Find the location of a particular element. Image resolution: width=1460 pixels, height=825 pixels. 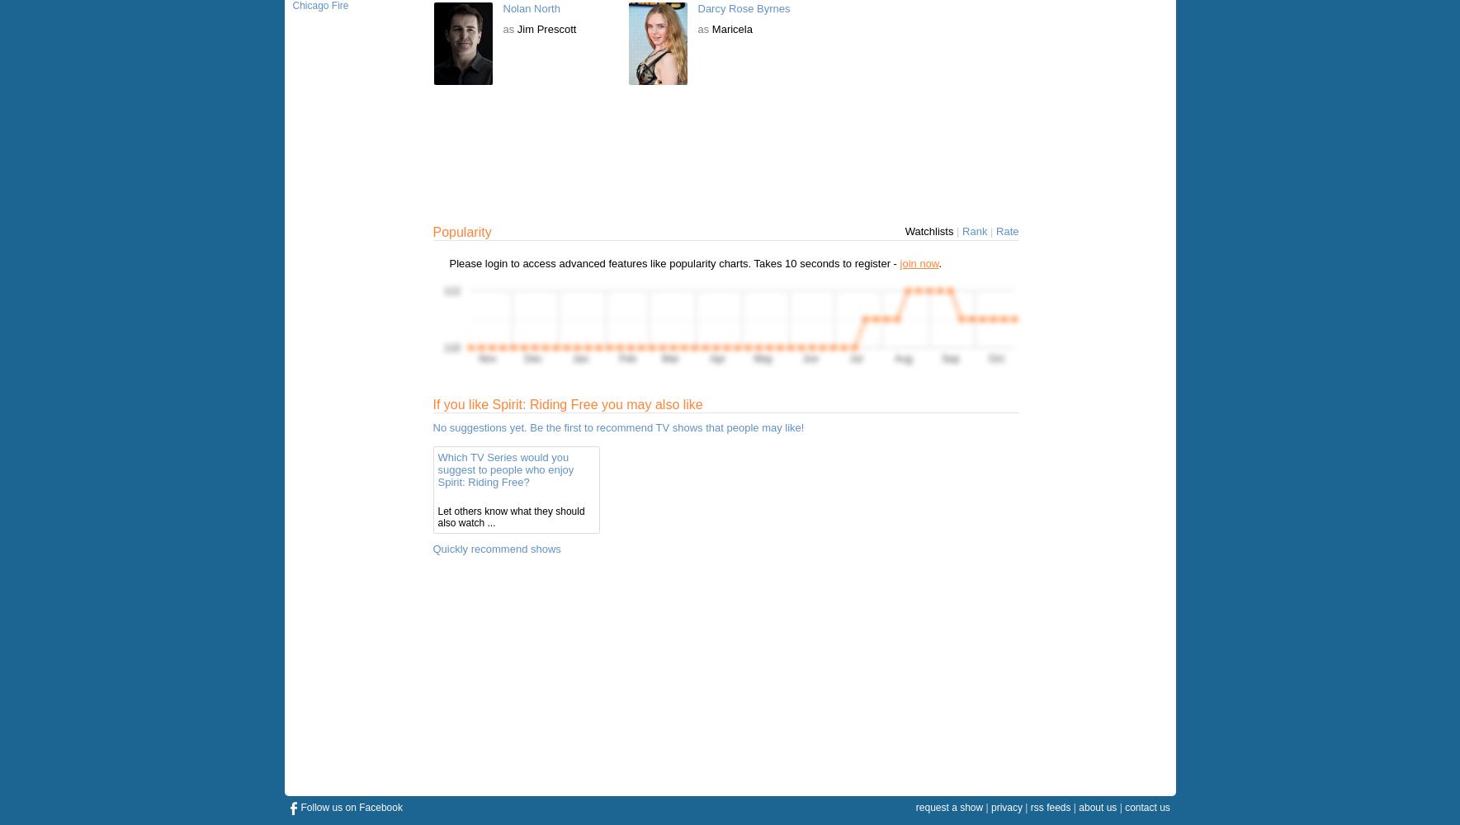

'Aug' is located at coordinates (901, 358).